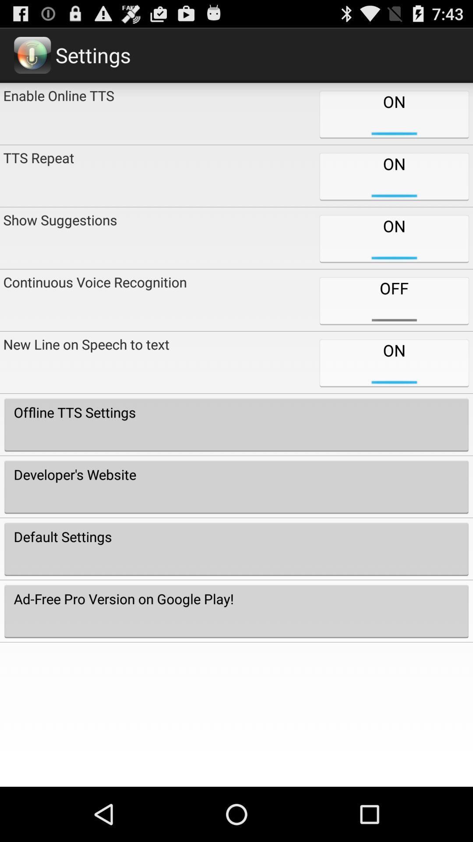 The height and width of the screenshot is (842, 473). Describe the element at coordinates (393, 300) in the screenshot. I see `the off icon` at that location.